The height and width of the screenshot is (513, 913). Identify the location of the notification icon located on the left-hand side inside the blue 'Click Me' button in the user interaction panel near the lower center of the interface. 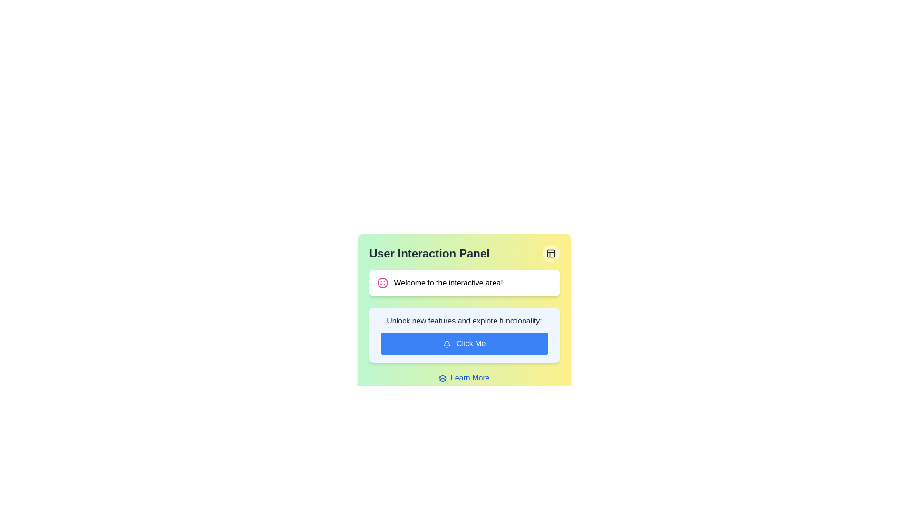
(446, 344).